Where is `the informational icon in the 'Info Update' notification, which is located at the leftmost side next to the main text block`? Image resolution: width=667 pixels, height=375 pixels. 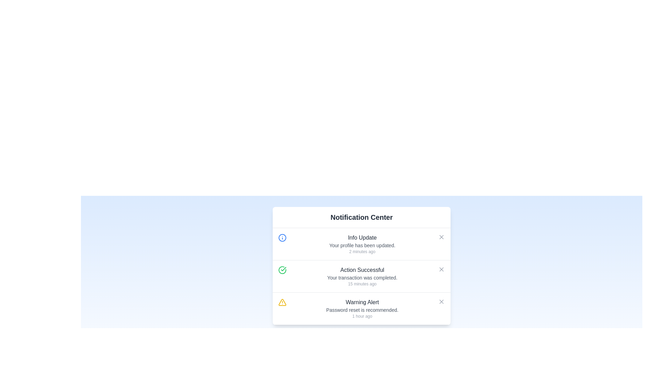 the informational icon in the 'Info Update' notification, which is located at the leftmost side next to the main text block is located at coordinates (282, 237).